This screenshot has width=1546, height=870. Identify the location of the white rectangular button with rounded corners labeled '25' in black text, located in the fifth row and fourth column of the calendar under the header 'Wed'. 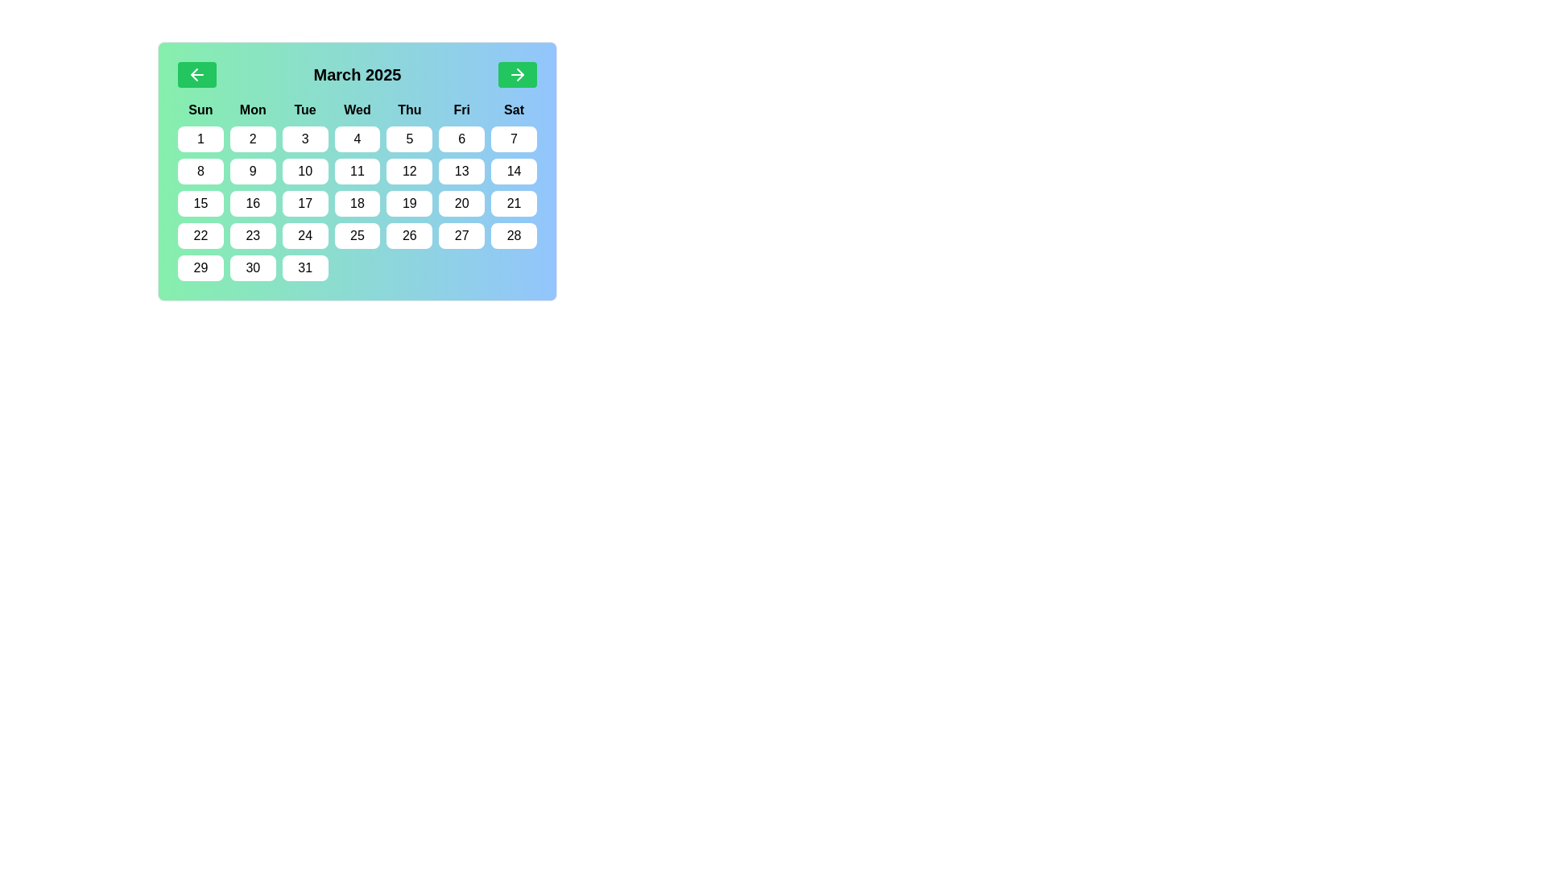
(356, 236).